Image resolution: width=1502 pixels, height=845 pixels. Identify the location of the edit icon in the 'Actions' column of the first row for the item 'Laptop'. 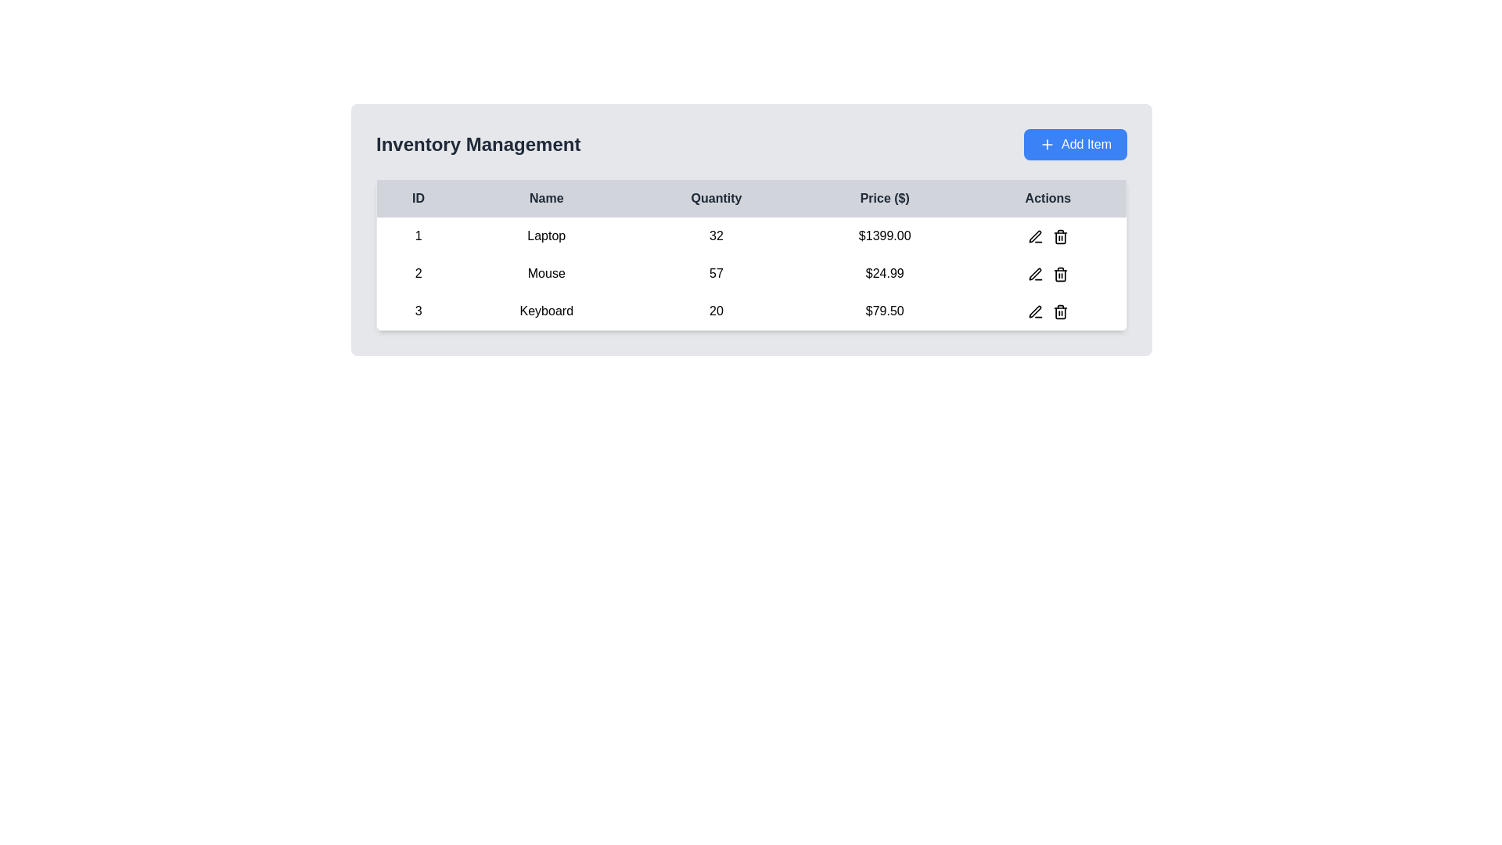
(1035, 236).